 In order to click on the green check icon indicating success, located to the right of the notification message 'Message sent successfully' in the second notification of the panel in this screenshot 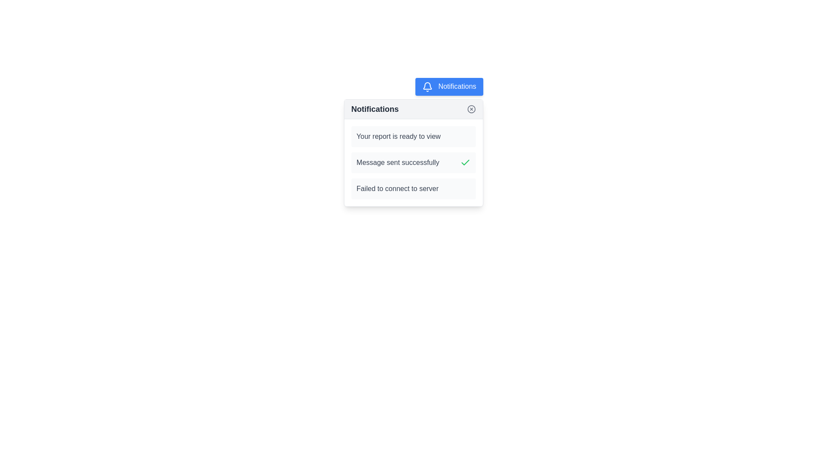, I will do `click(465, 162)`.